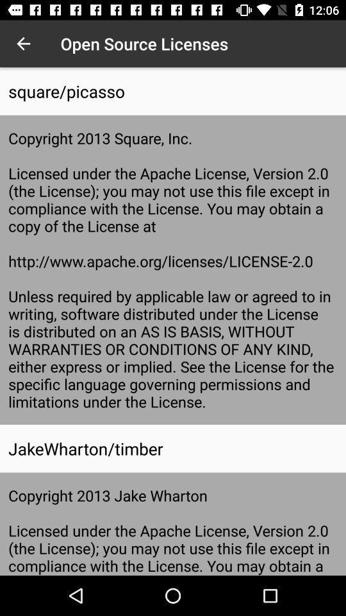 This screenshot has width=346, height=616. Describe the element at coordinates (23, 44) in the screenshot. I see `icon above square/picasso icon` at that location.